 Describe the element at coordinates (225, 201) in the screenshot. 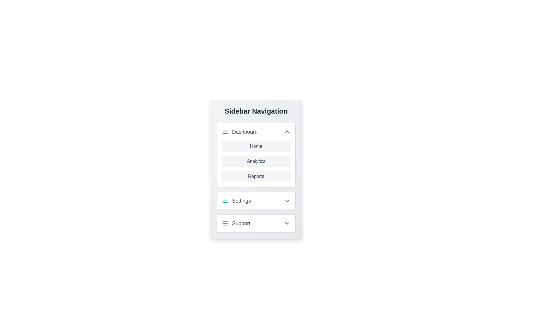

I see `the green settings icon composed of three horizontal lines in the sidebar menu, located next to the 'Settings' label` at that location.